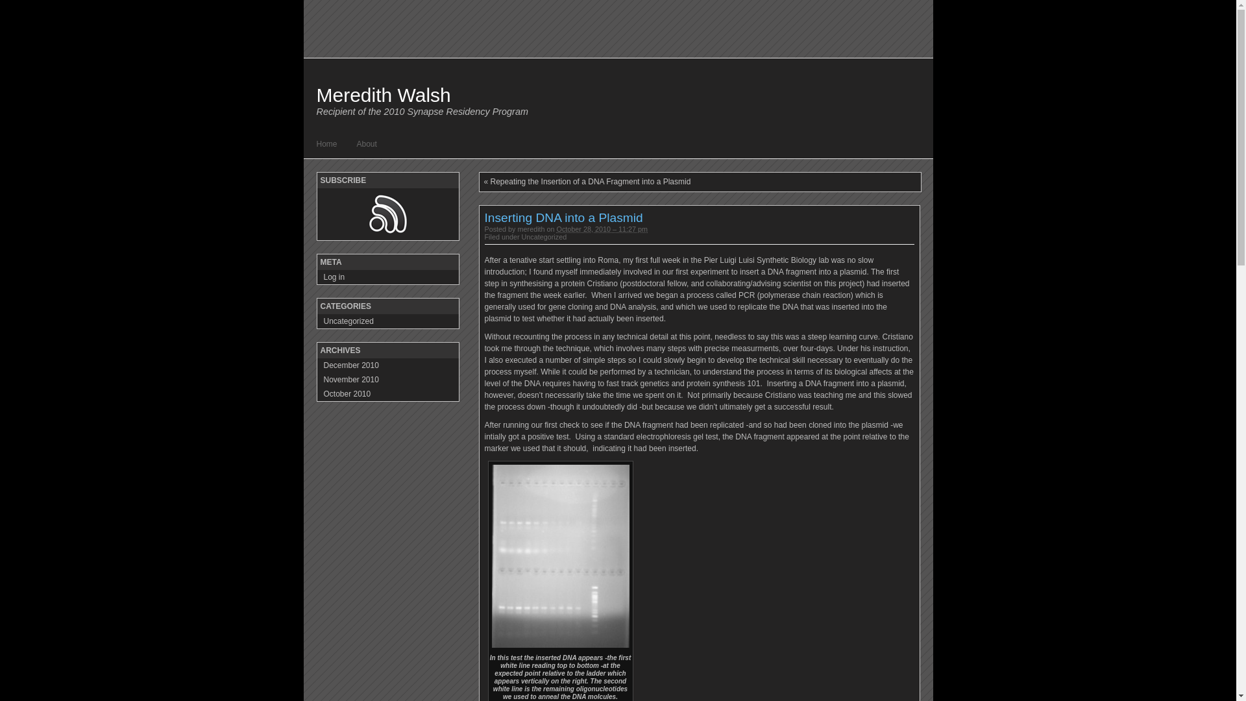  I want to click on 'Subscribe to Meredith Walsh', so click(387, 214).